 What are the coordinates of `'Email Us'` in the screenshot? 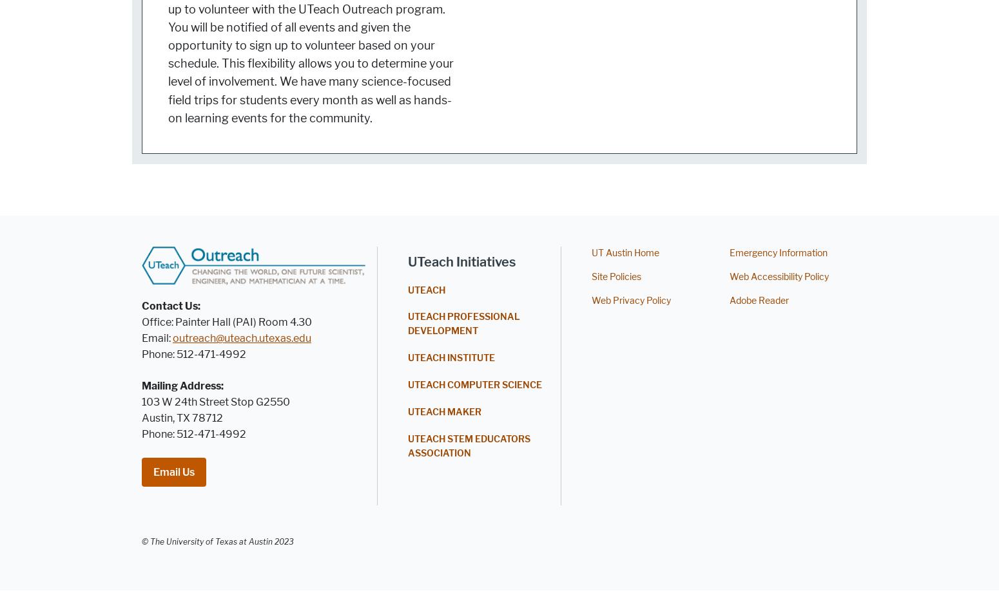 It's located at (153, 471).